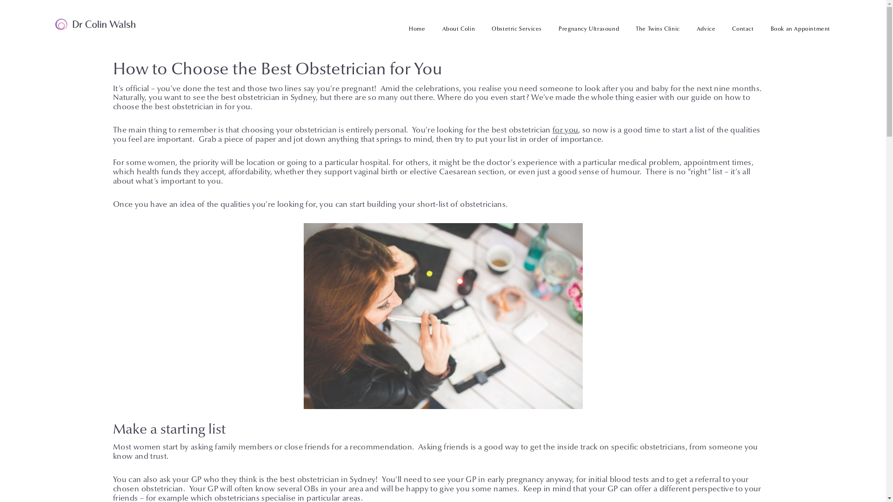 The width and height of the screenshot is (893, 502). Describe the element at coordinates (627, 28) in the screenshot. I see `'The Twins Clinic'` at that location.